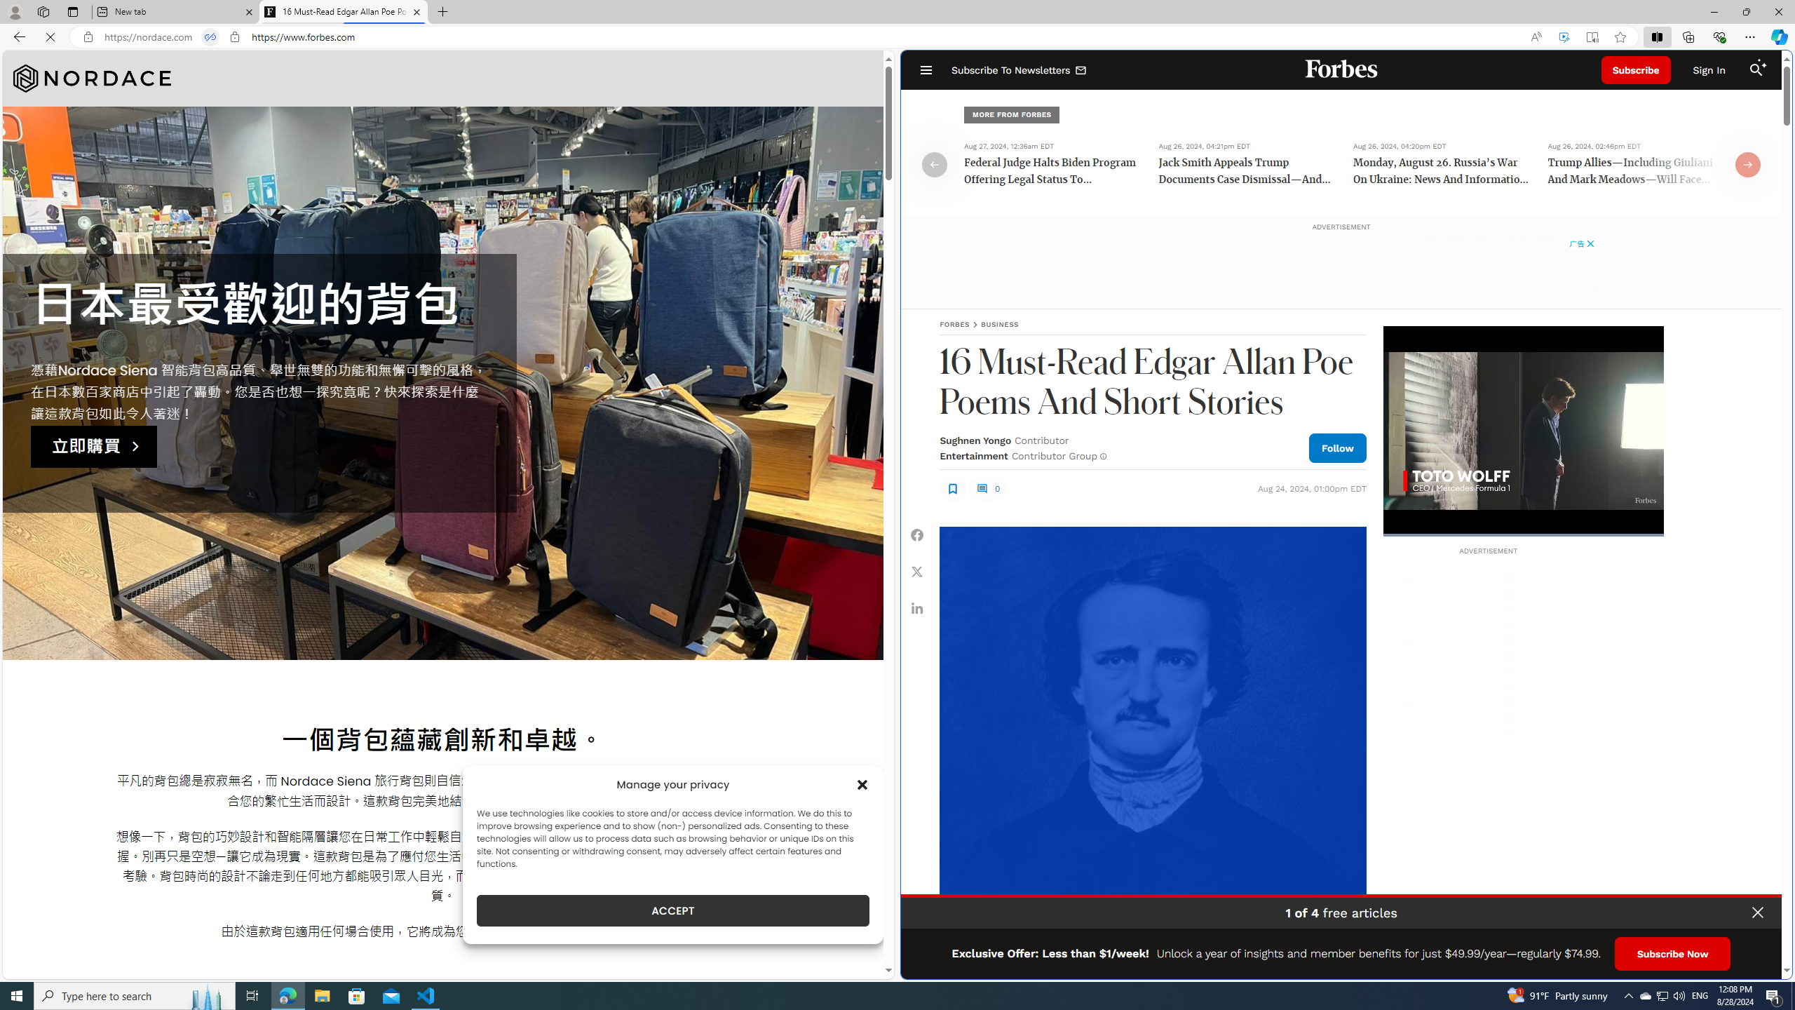 The image size is (1795, 1010). I want to click on 'BUSINESS', so click(998, 324).